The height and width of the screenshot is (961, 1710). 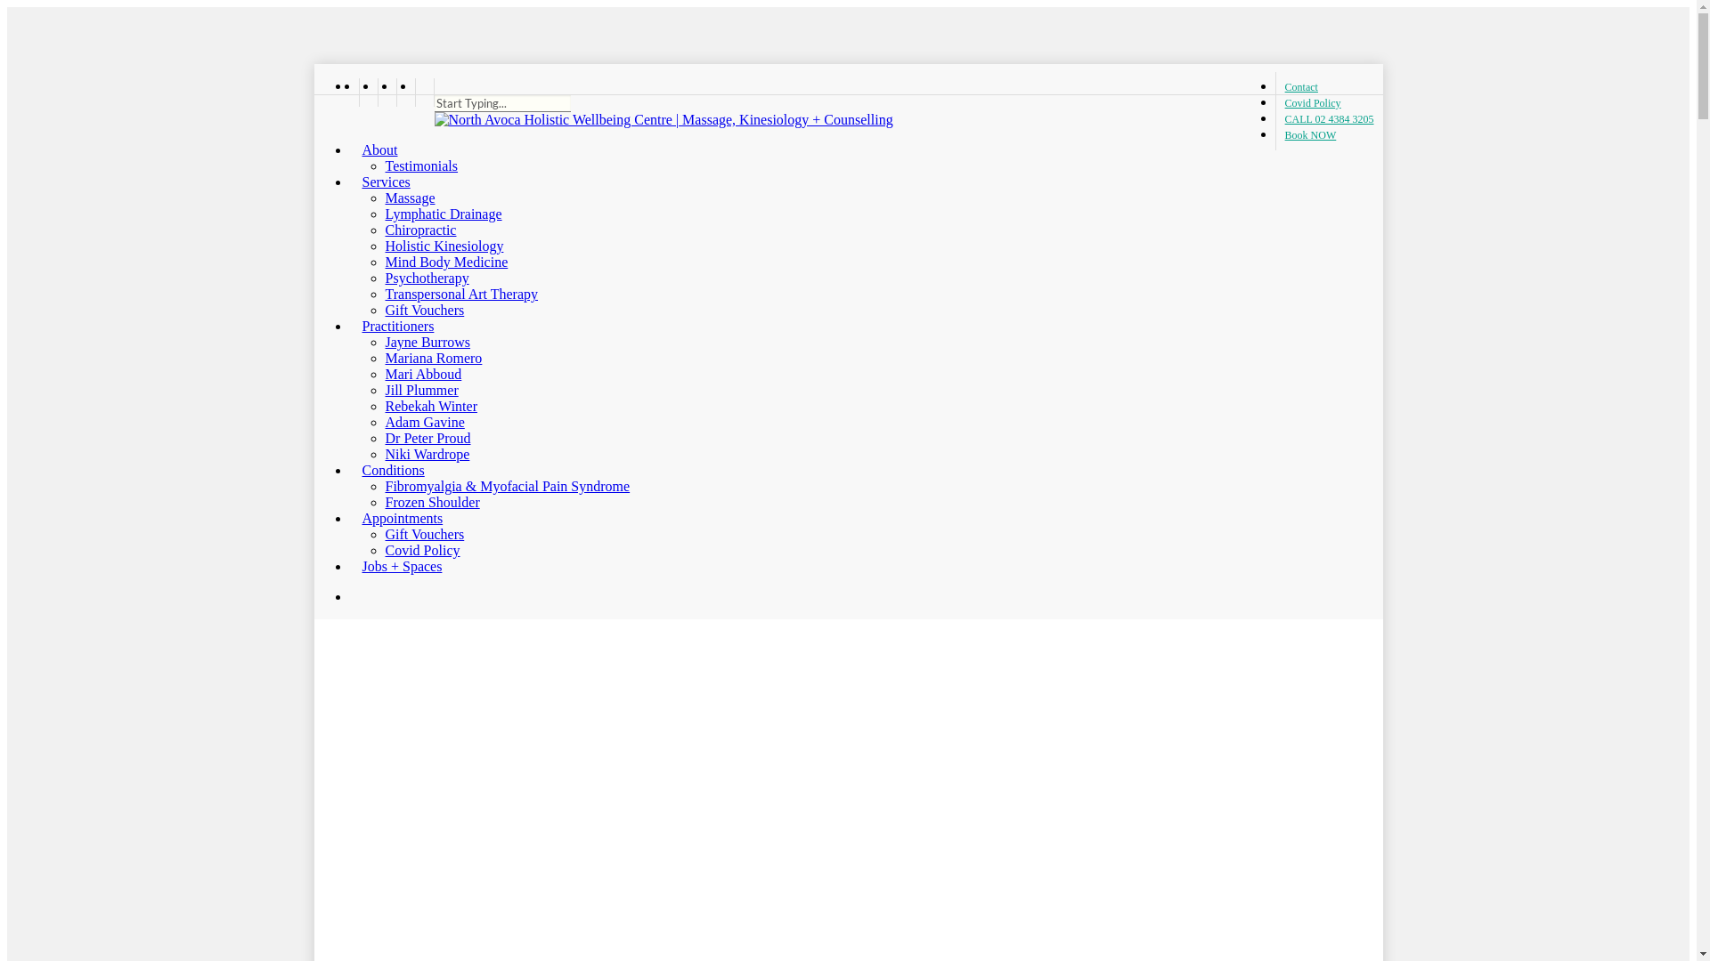 I want to click on 'Skip to main content', so click(x=6, y=6).